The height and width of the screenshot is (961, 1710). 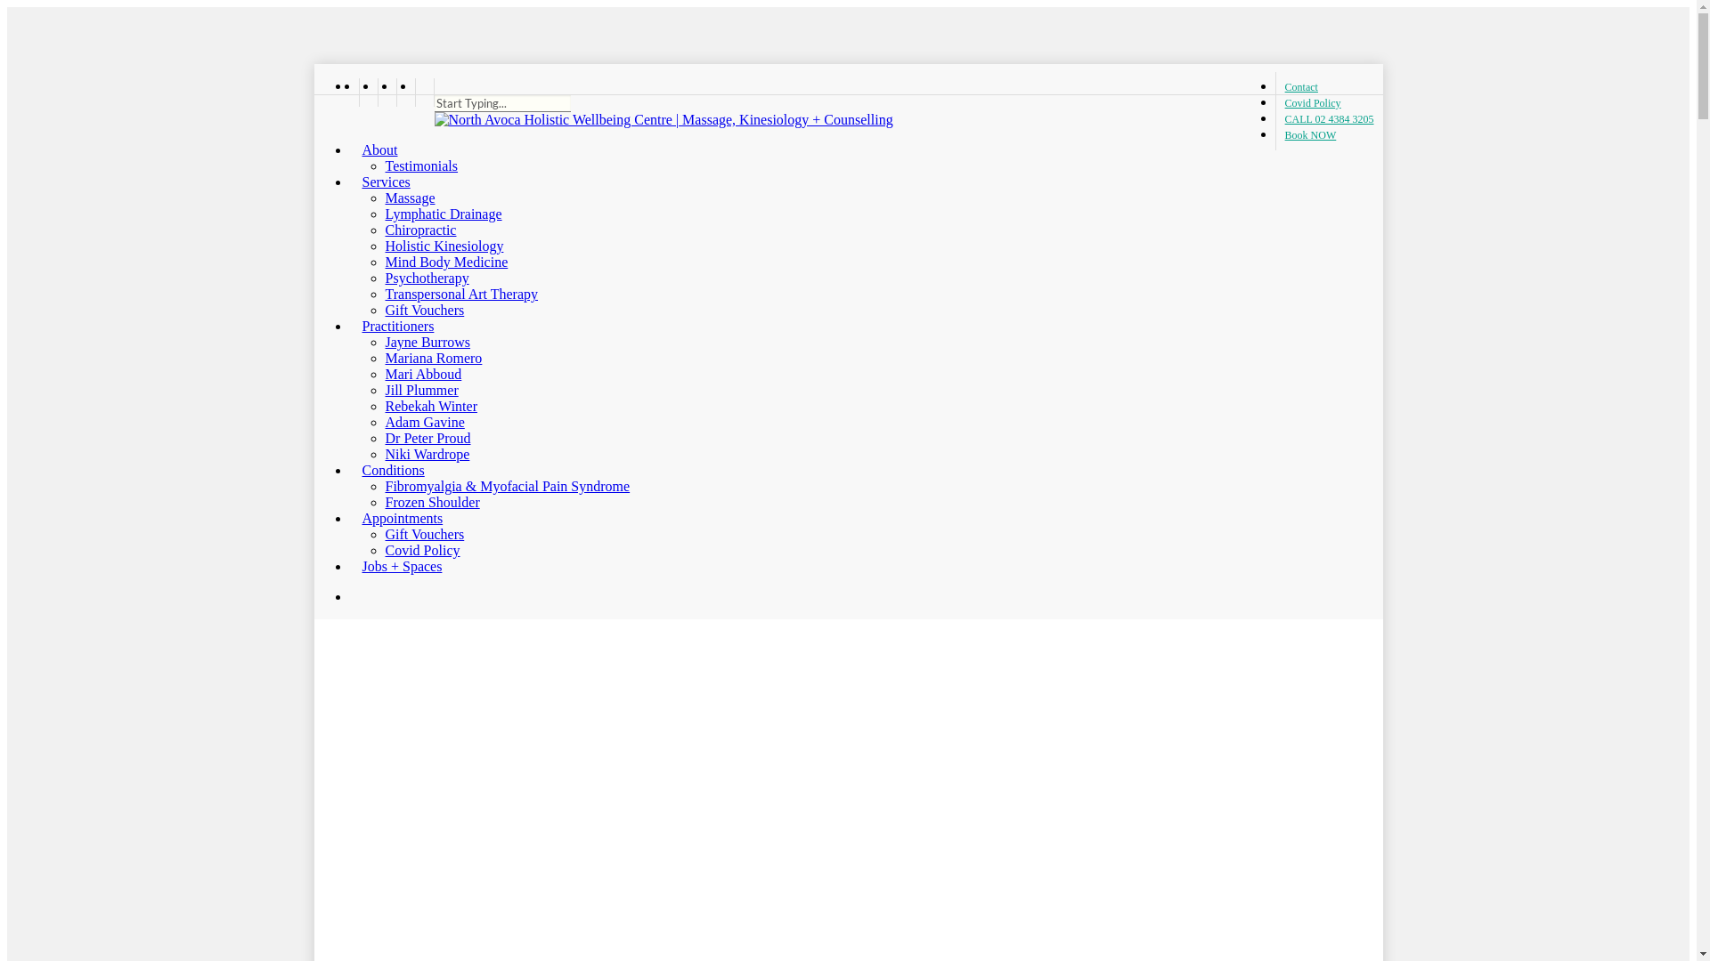 I want to click on 'Skip to main content', so click(x=6, y=6).